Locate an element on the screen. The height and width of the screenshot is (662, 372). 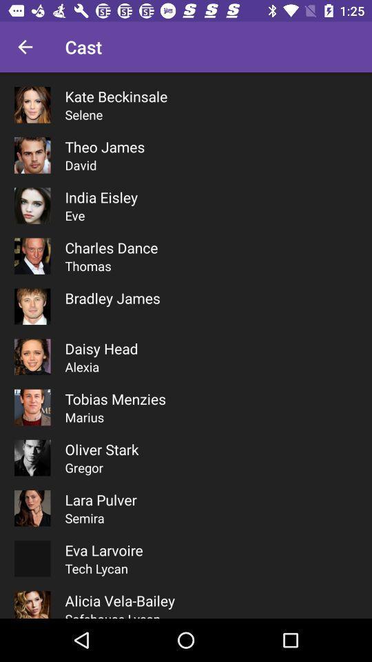
item below the cast is located at coordinates (115, 95).